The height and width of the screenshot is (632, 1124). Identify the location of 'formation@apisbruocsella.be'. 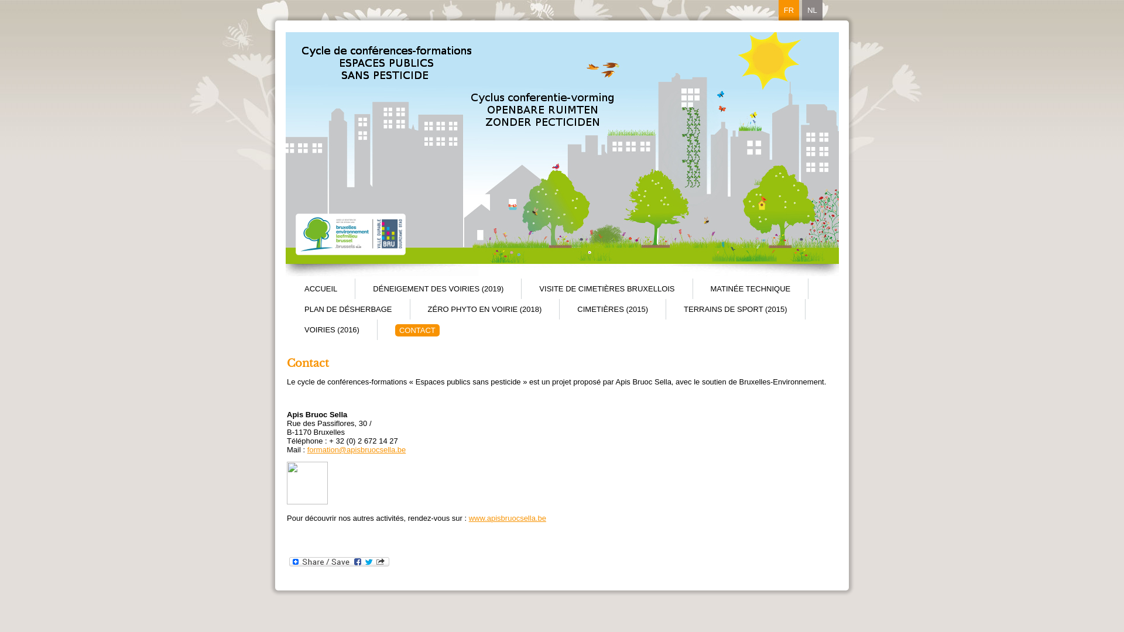
(356, 449).